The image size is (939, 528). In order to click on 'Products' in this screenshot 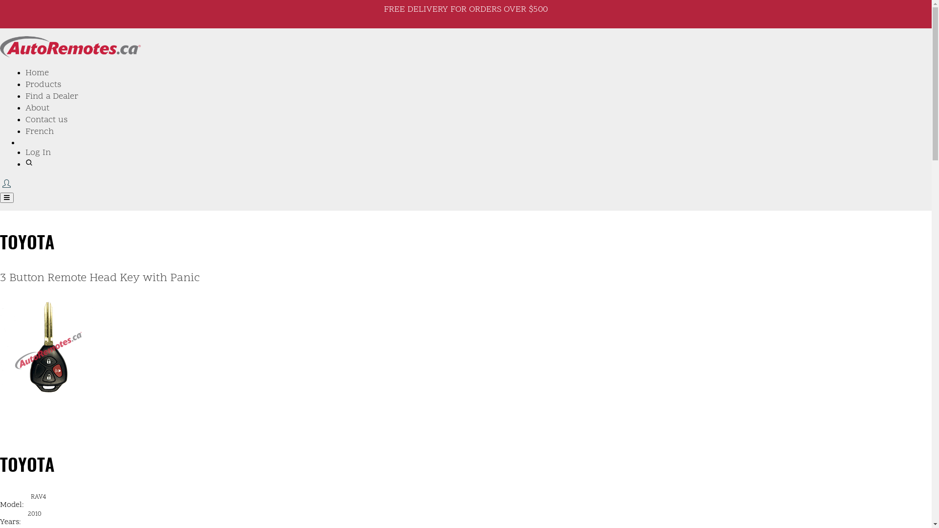, I will do `click(43, 84)`.